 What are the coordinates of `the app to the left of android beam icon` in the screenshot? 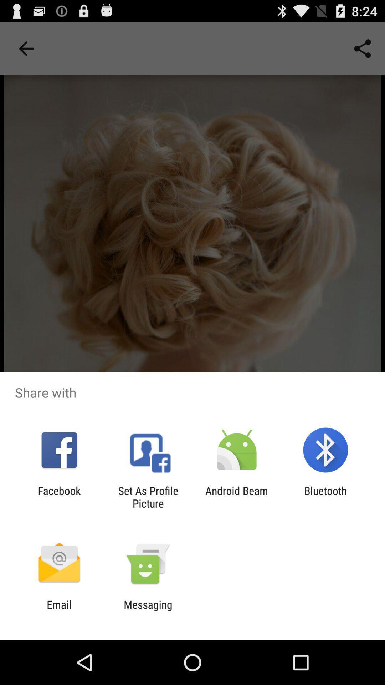 It's located at (148, 497).